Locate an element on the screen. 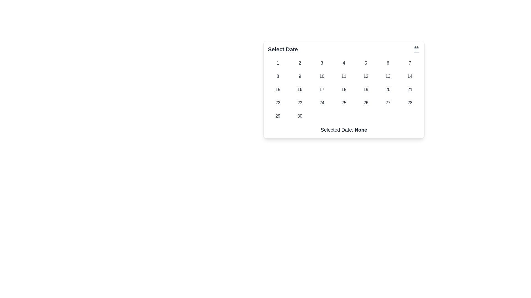  the selectable date button for the date '10' located in the second row and third column of the calendar grid is located at coordinates (322, 76).